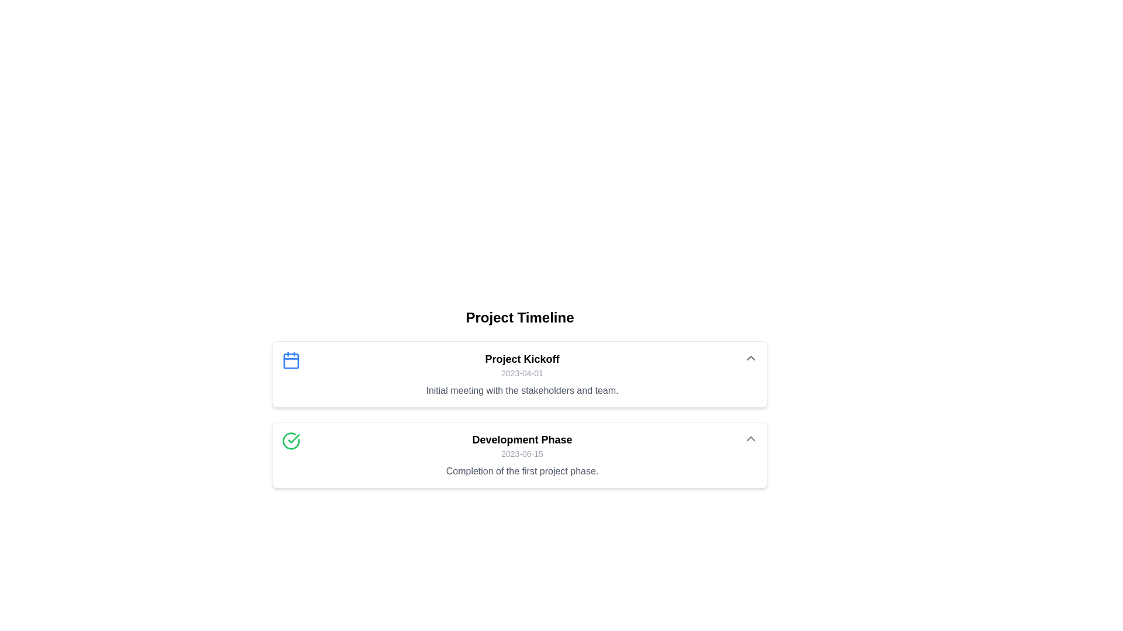 This screenshot has width=1123, height=631. I want to click on the text label displaying 'Initial meeting with the stakeholders and team.' located below the date '2023-04-01' in the 'Project Kickoff' section, so click(521, 390).